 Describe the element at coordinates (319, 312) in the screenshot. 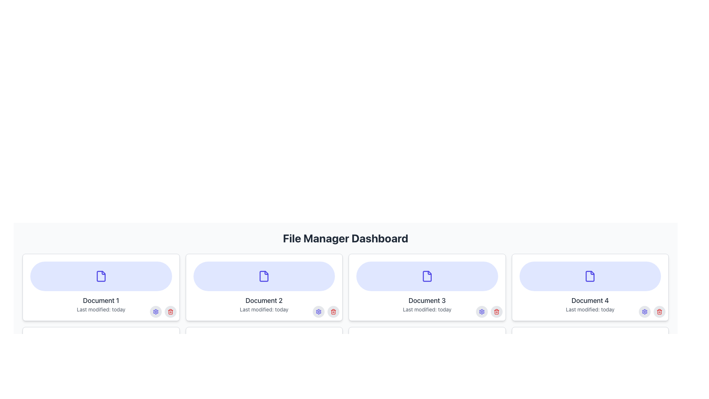

I see `the circular button with a light-gray background and a gear icon in the center, located at the bottom-right corner of the 'Document 2' card` at that location.